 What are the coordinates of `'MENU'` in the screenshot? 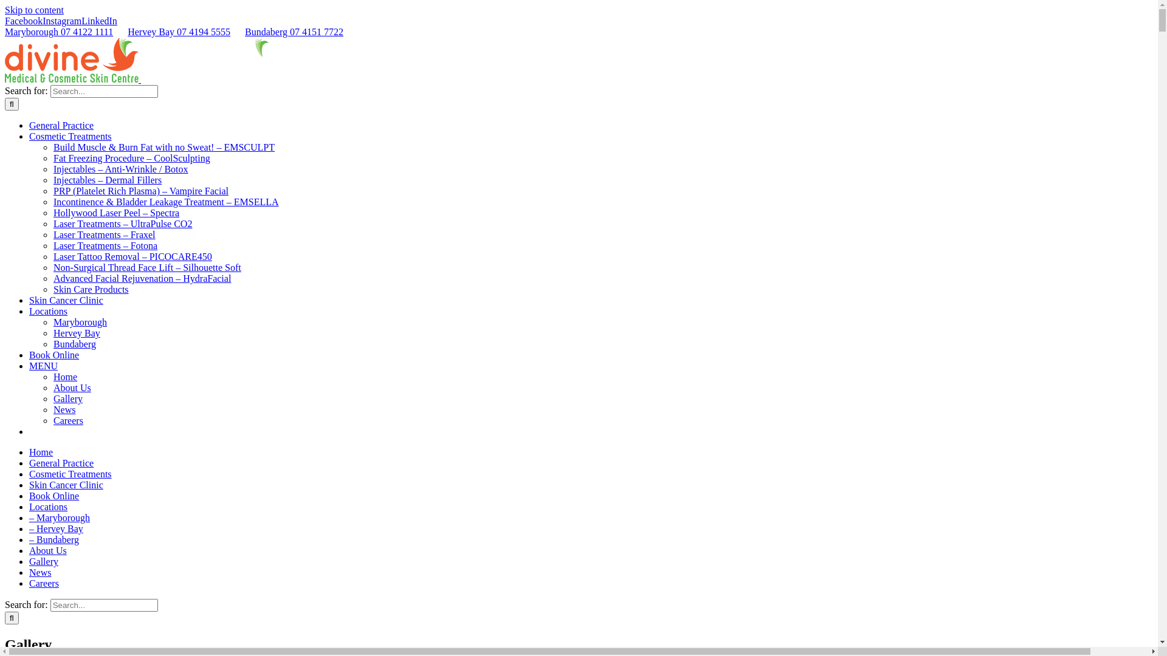 It's located at (43, 365).